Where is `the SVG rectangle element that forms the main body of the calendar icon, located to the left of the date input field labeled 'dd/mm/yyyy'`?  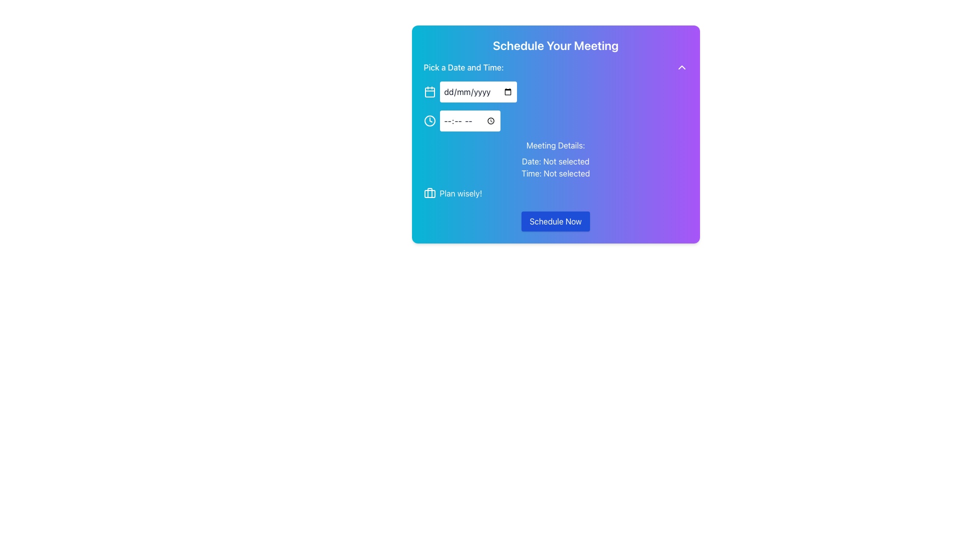 the SVG rectangle element that forms the main body of the calendar icon, located to the left of the date input field labeled 'dd/mm/yyyy' is located at coordinates (429, 92).